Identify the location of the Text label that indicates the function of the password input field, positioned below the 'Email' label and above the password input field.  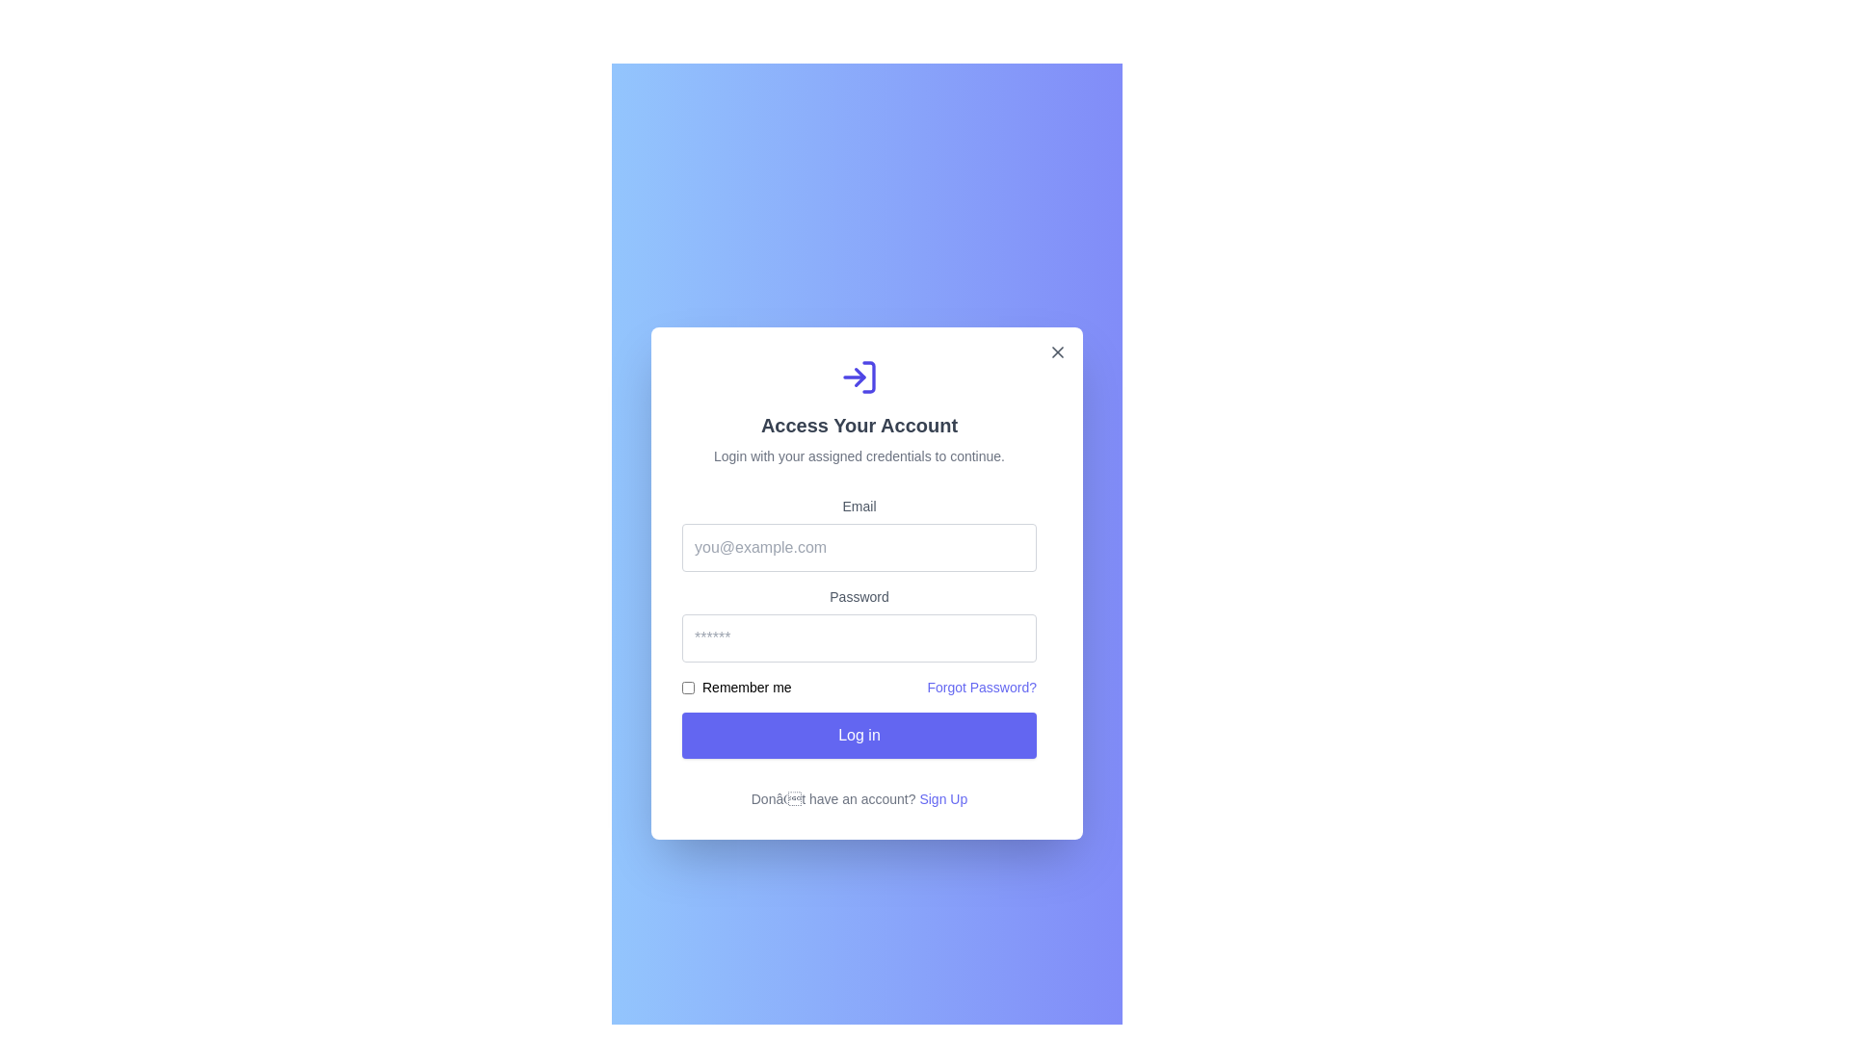
(866, 582).